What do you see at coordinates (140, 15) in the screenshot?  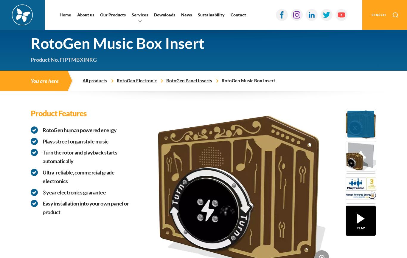 I see `'Services'` at bounding box center [140, 15].